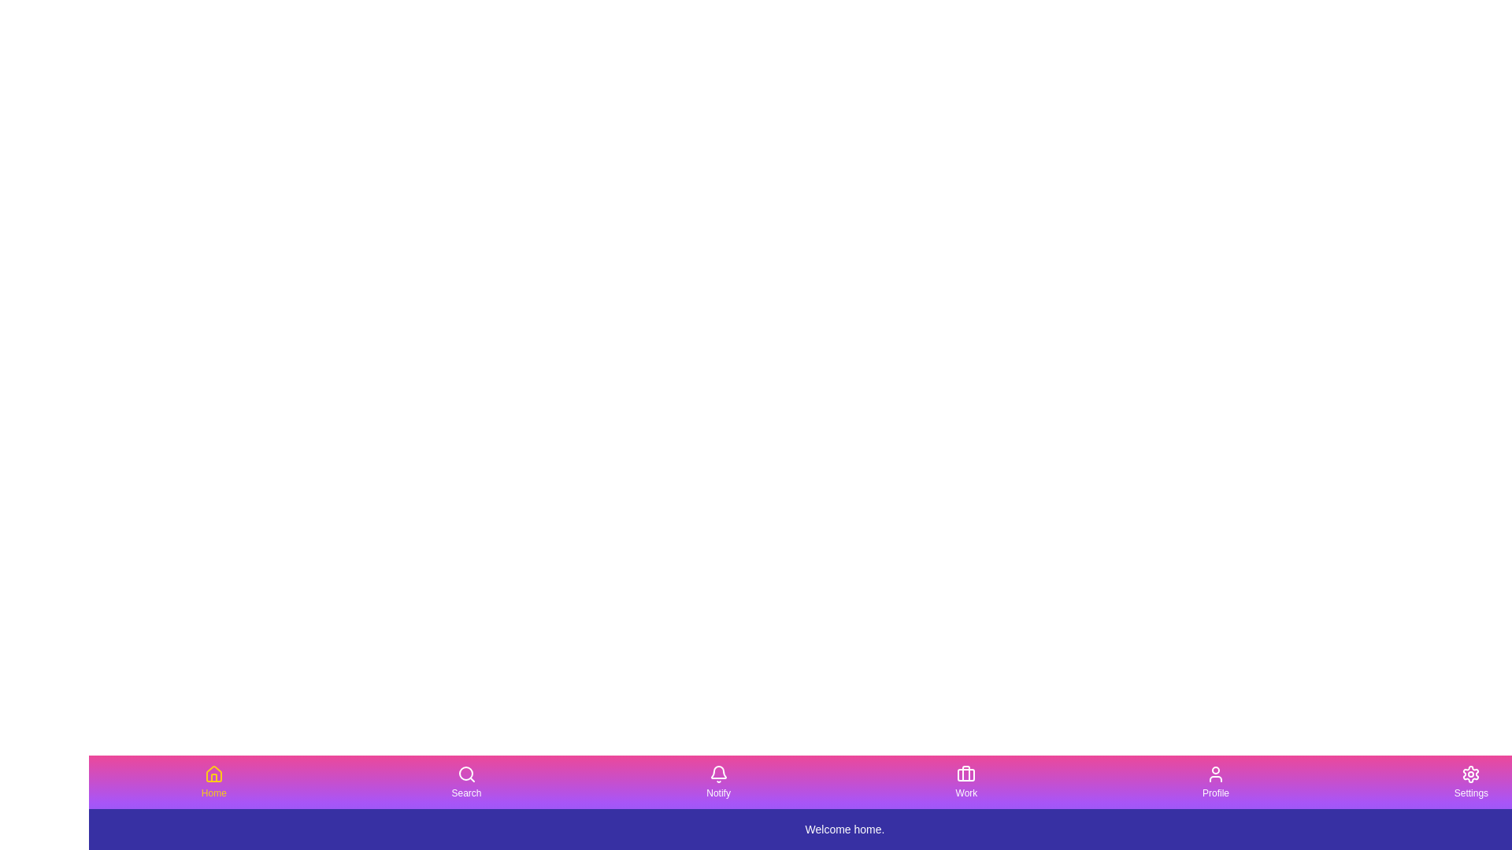 The image size is (1512, 850). What do you see at coordinates (965, 782) in the screenshot?
I see `the tab labeled Work by clicking its button` at bounding box center [965, 782].